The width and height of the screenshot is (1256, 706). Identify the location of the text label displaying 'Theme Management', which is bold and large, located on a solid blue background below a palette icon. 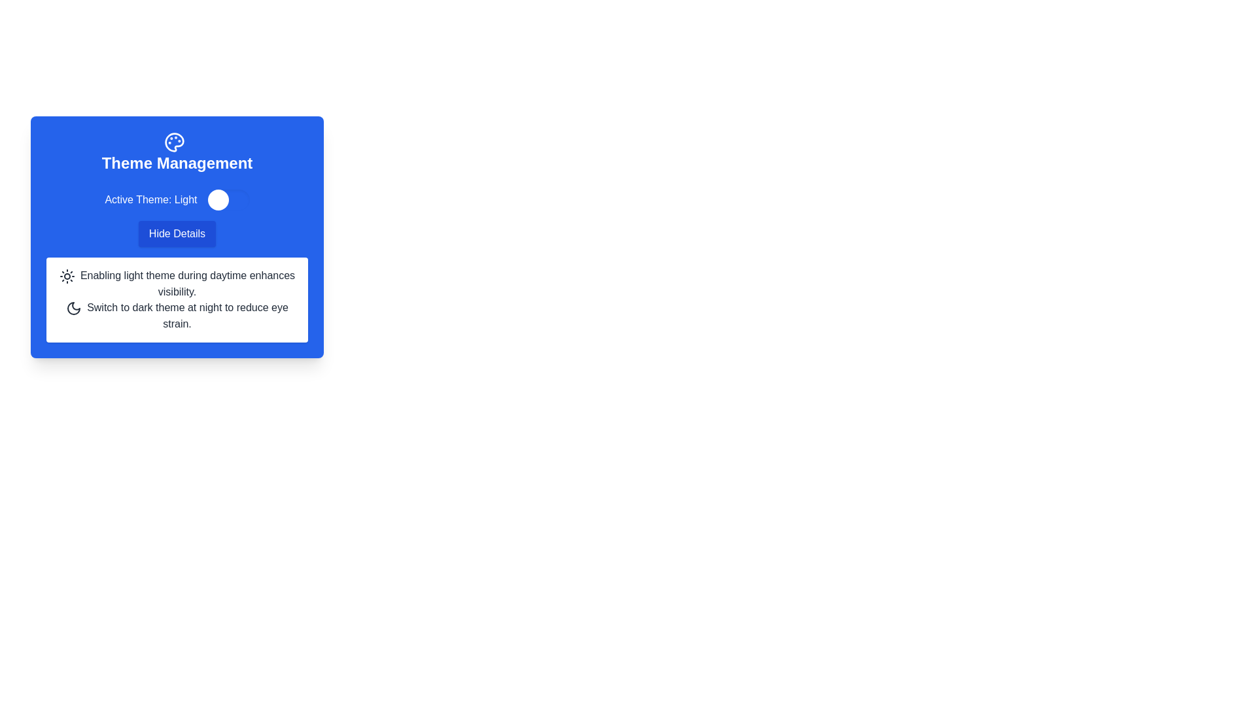
(176, 163).